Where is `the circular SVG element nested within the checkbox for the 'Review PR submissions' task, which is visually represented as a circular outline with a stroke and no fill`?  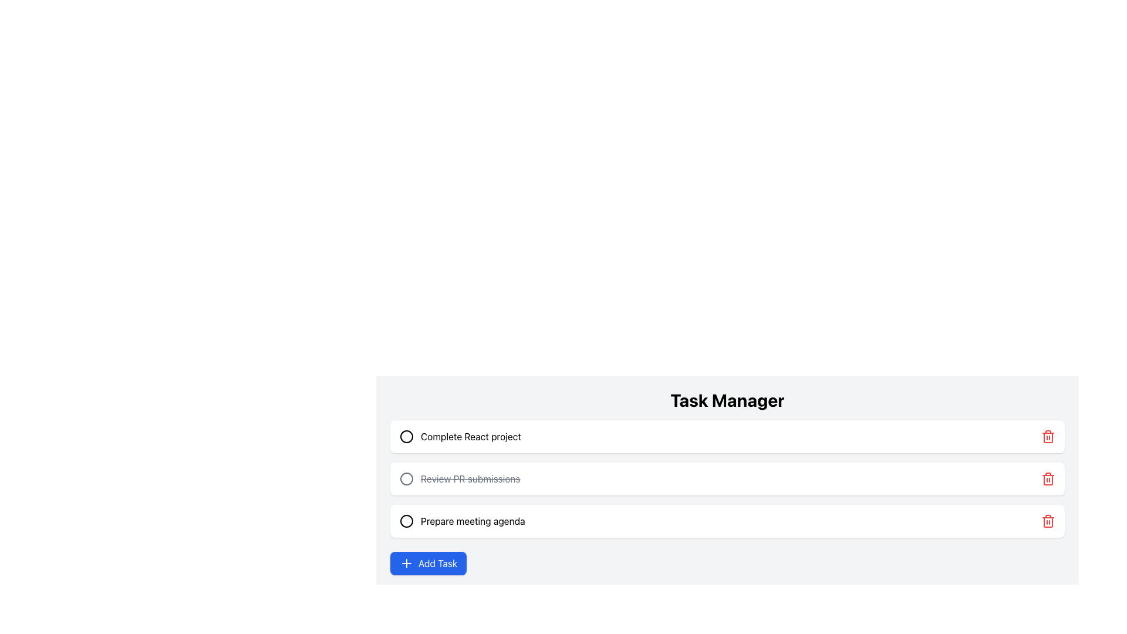 the circular SVG element nested within the checkbox for the 'Review PR submissions' task, which is visually represented as a circular outline with a stroke and no fill is located at coordinates (406, 479).